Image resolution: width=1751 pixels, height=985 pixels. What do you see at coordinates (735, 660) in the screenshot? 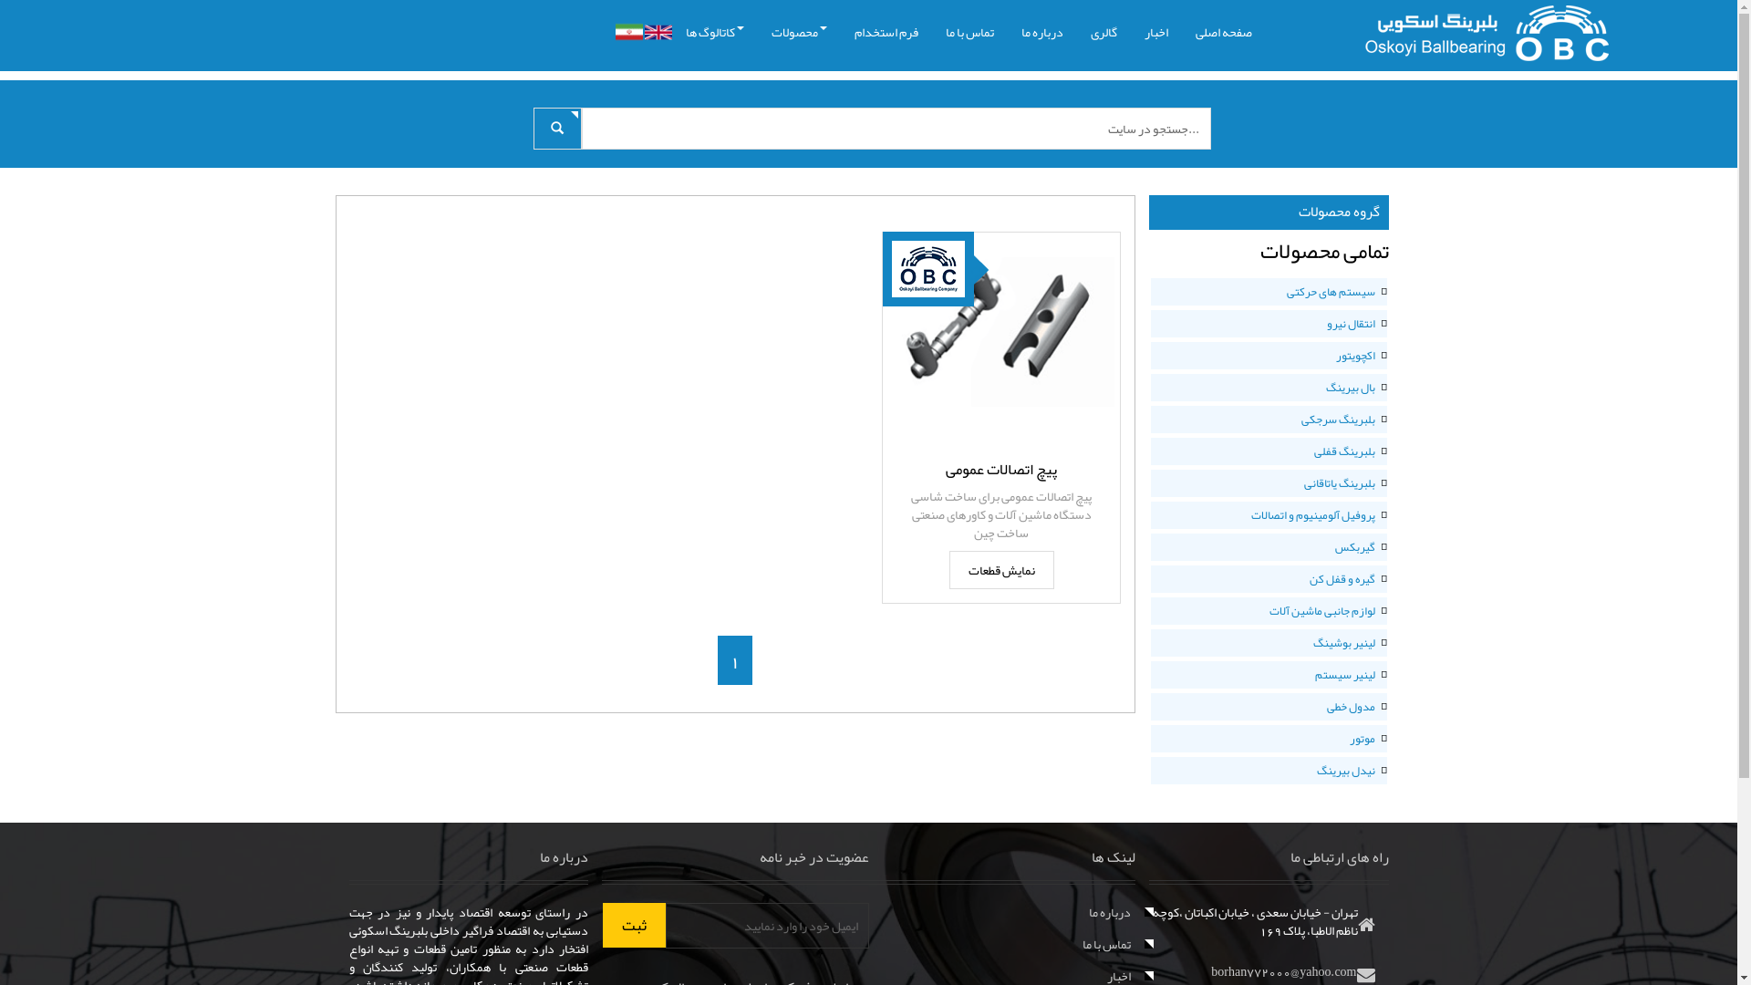
I see `'1'` at bounding box center [735, 660].